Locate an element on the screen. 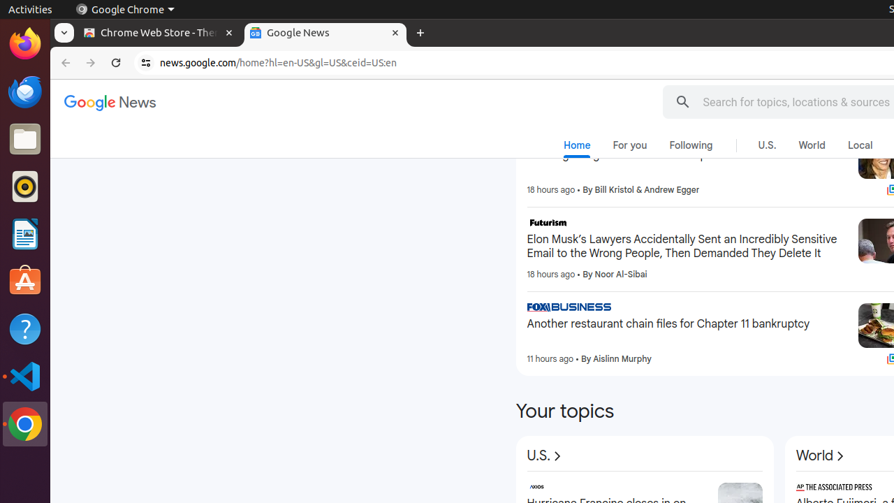 This screenshot has width=894, height=503. 'Firefox Web Browser' is located at coordinates (24, 43).